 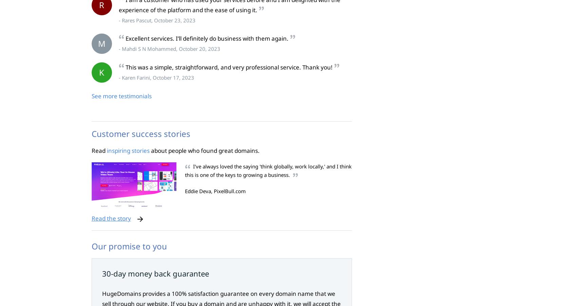 What do you see at coordinates (204, 150) in the screenshot?
I see `'about people who found great domains.'` at bounding box center [204, 150].